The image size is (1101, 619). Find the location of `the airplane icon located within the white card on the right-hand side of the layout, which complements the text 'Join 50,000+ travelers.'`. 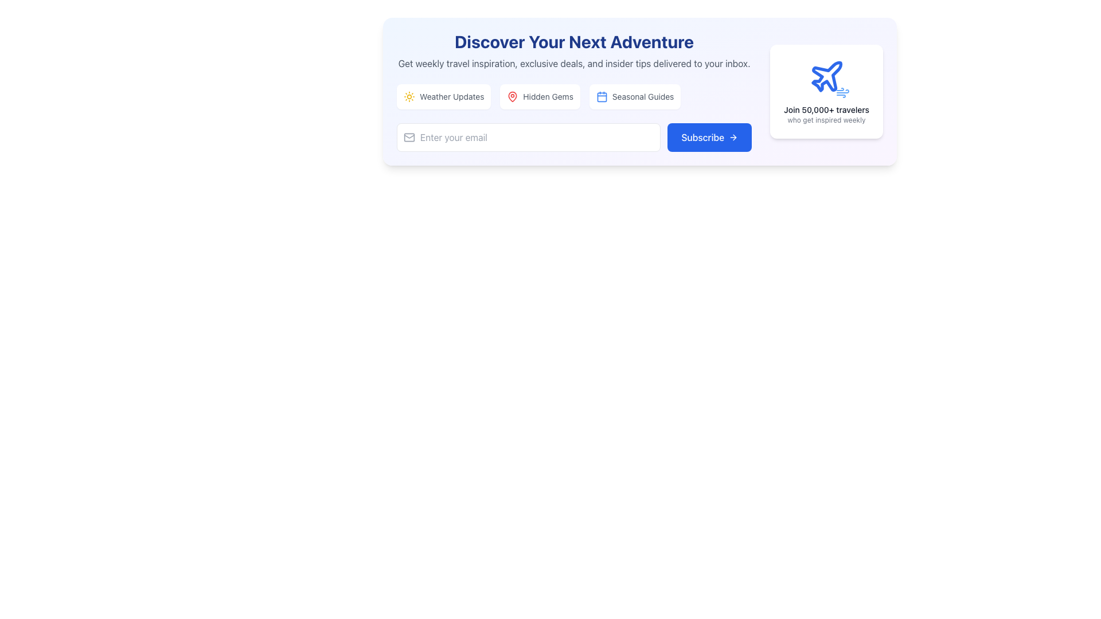

the airplane icon located within the white card on the right-hand side of the layout, which complements the text 'Join 50,000+ travelers.' is located at coordinates (826, 76).